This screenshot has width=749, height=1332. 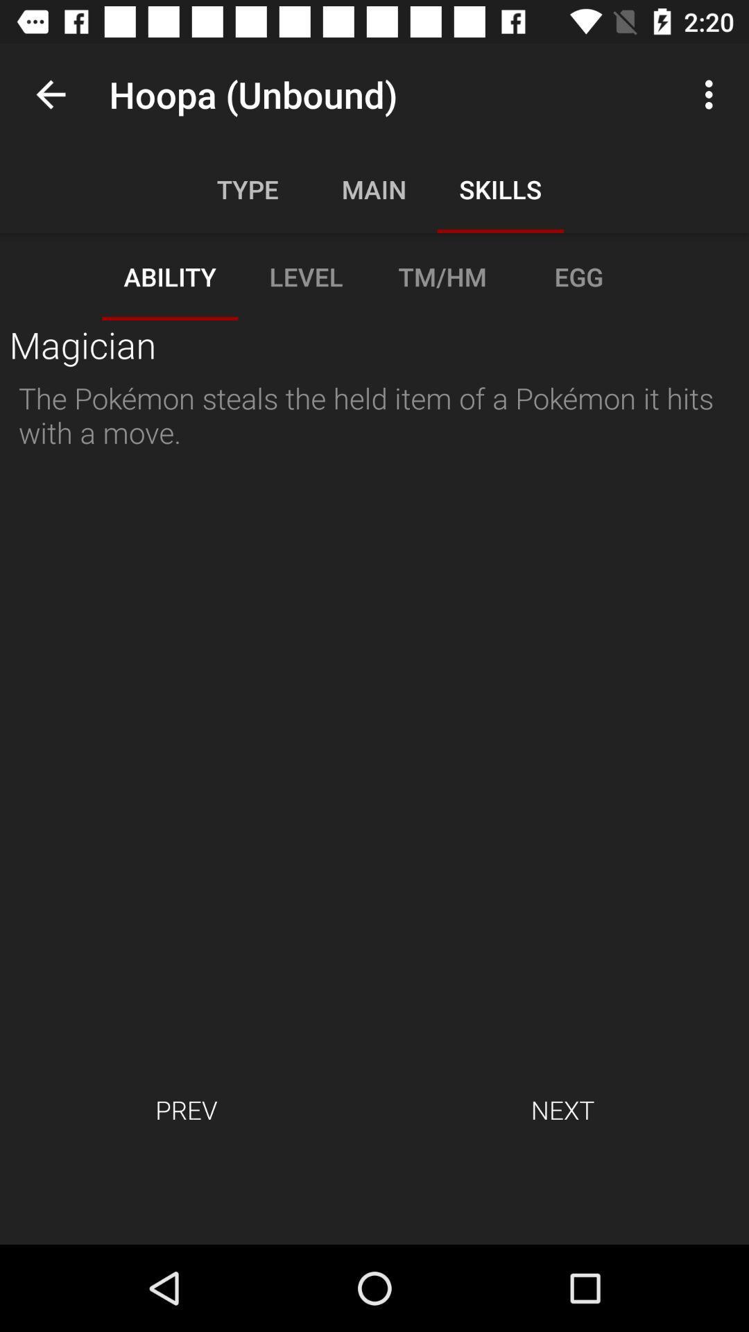 I want to click on the item above magician icon, so click(x=50, y=94).